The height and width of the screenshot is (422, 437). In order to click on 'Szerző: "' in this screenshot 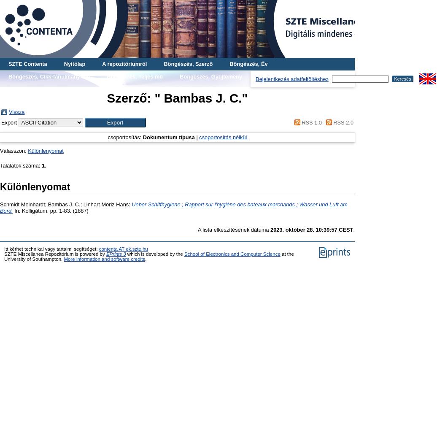, I will do `click(133, 97)`.